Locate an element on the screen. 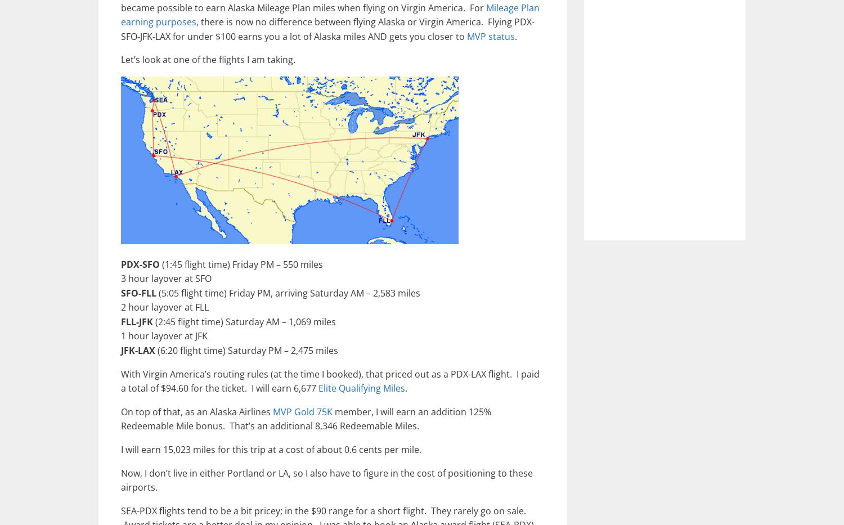 This screenshot has width=844, height=525. 'MVP Gold 75K' is located at coordinates (303, 411).